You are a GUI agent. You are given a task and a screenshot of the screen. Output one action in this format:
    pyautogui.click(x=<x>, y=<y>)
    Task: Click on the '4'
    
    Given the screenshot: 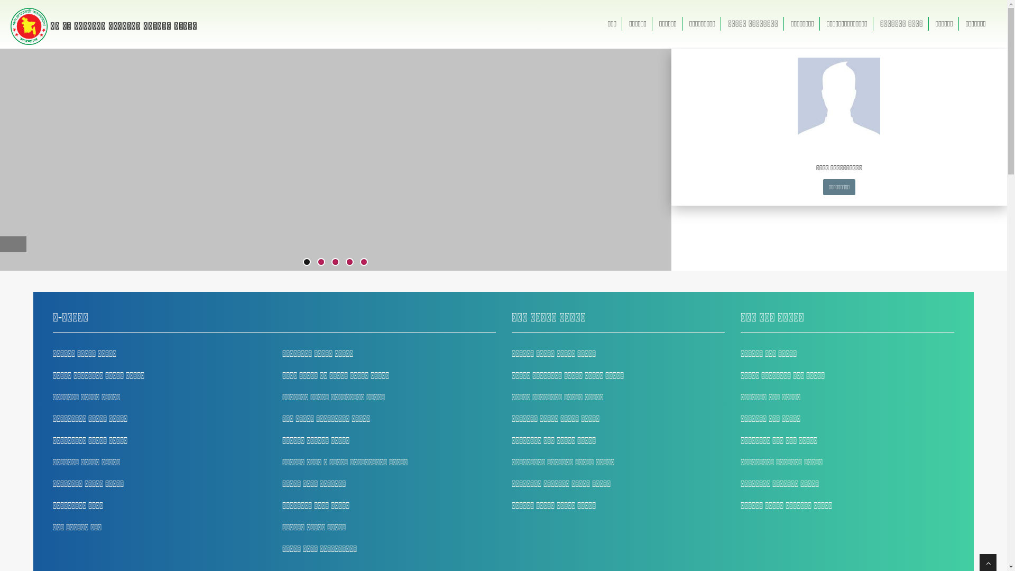 What is the action you would take?
    pyautogui.click(x=349, y=262)
    